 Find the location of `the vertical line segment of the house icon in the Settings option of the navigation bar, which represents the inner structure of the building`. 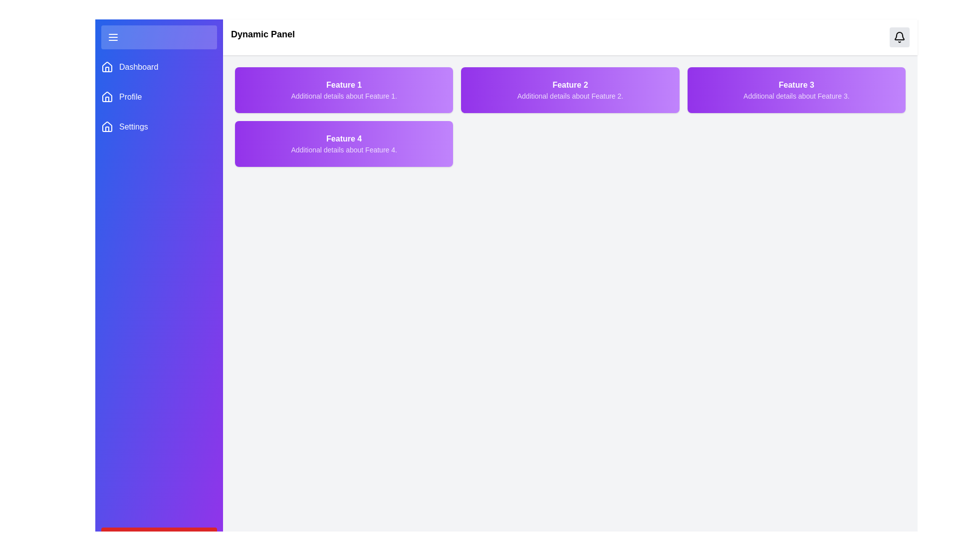

the vertical line segment of the house icon in the Settings option of the navigation bar, which represents the inner structure of the building is located at coordinates (107, 129).